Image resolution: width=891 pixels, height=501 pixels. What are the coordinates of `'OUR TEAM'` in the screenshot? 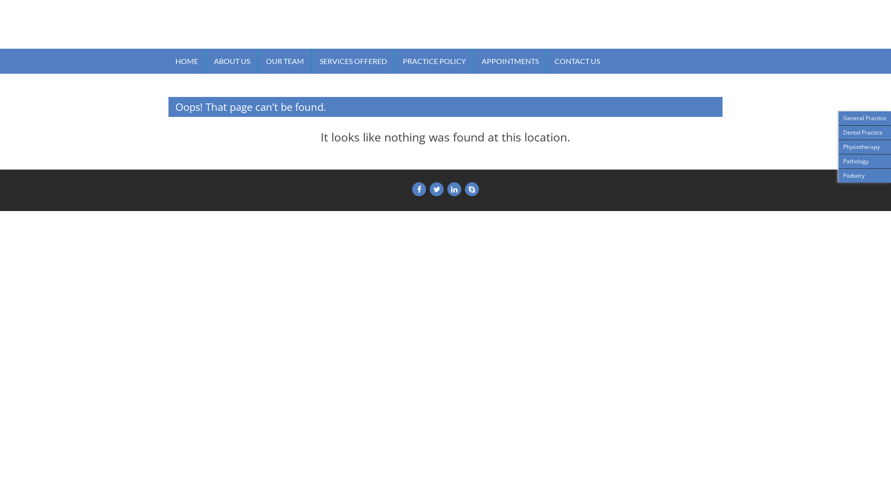 It's located at (284, 61).